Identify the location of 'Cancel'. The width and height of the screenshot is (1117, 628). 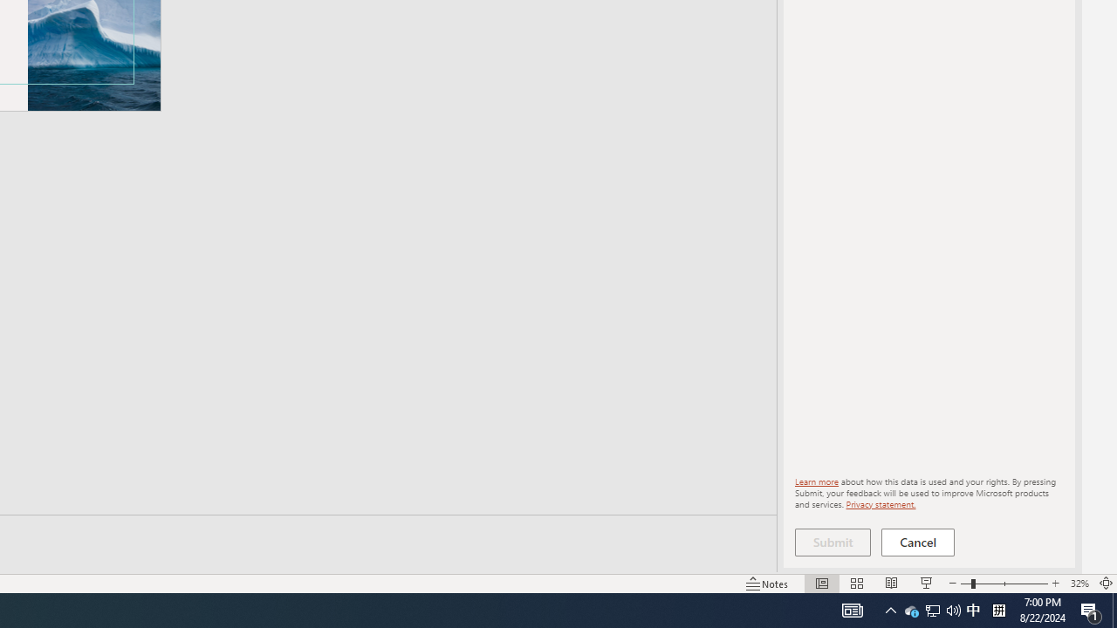
(917, 542).